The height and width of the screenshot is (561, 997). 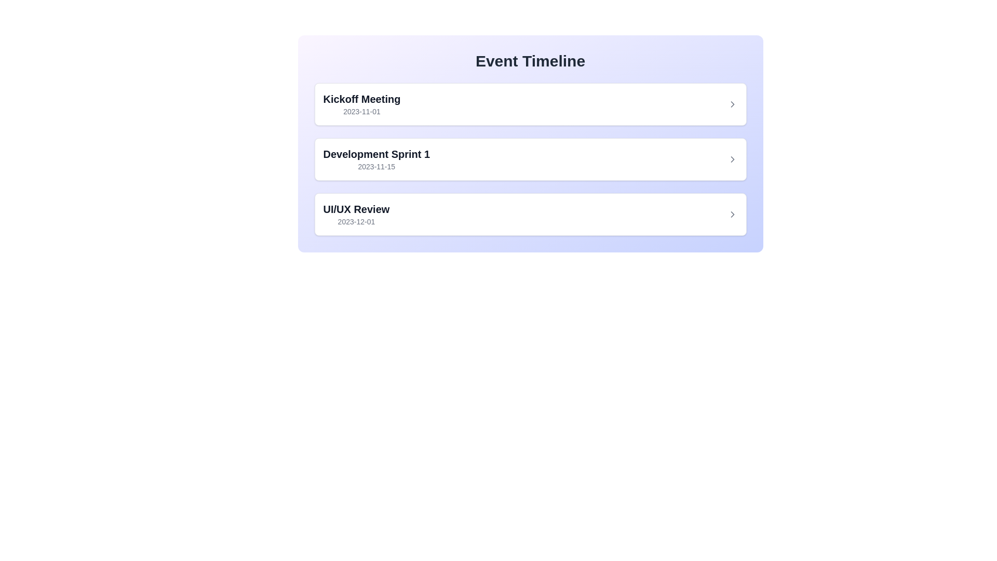 I want to click on the text component displaying the date '2023-11-01', which is located beneath the title 'Kickoff Meeting' in the 'Event Timeline' interface, so click(x=361, y=112).